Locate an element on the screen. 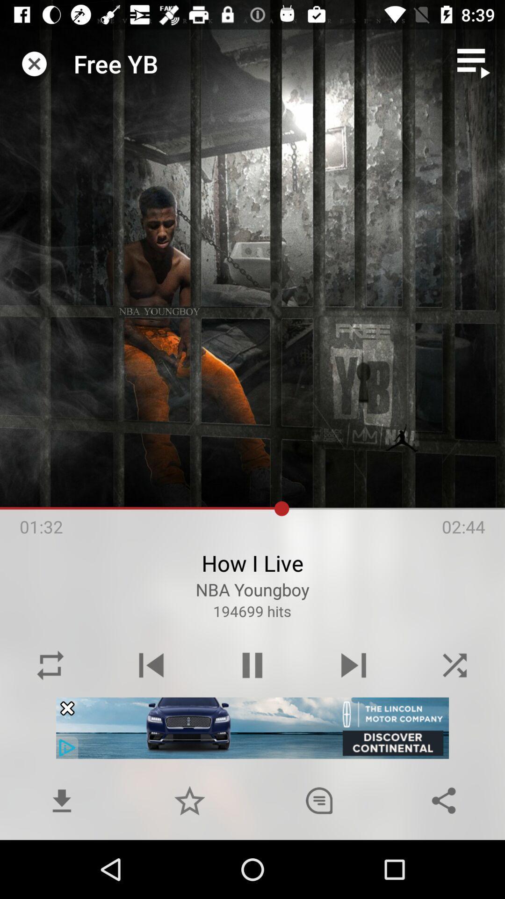 The width and height of the screenshot is (505, 899). the skip_previous icon is located at coordinates (151, 665).